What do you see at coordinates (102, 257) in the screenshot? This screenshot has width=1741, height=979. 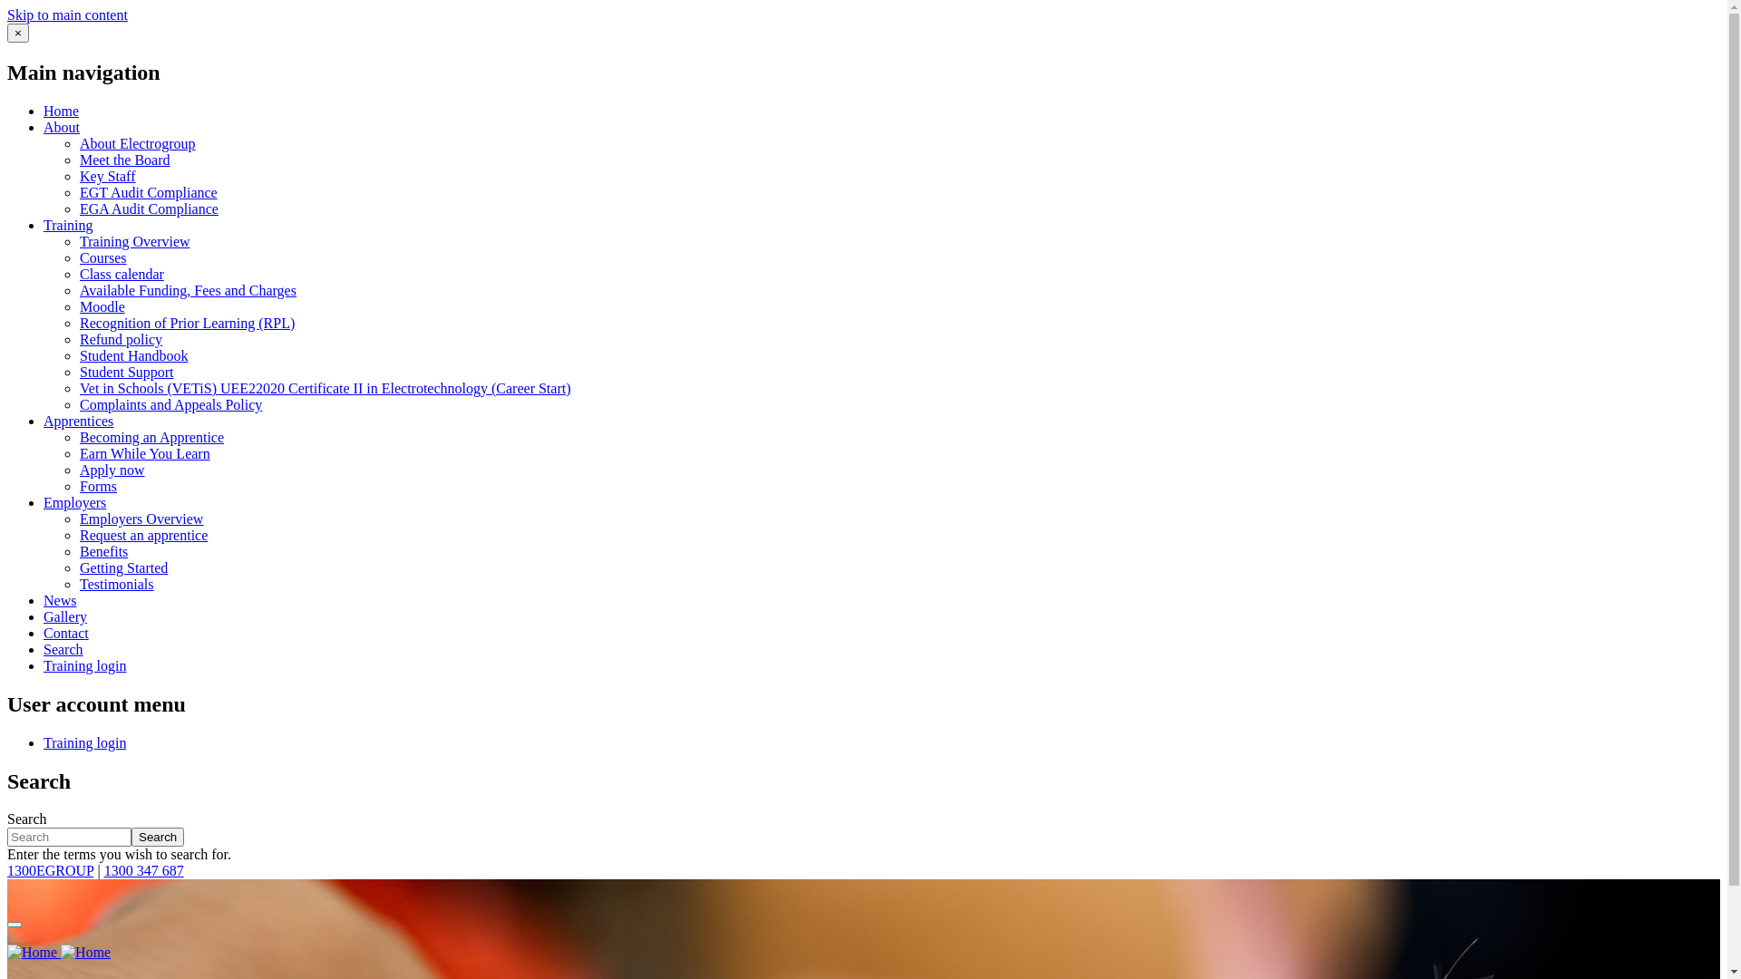 I see `'Courses'` at bounding box center [102, 257].